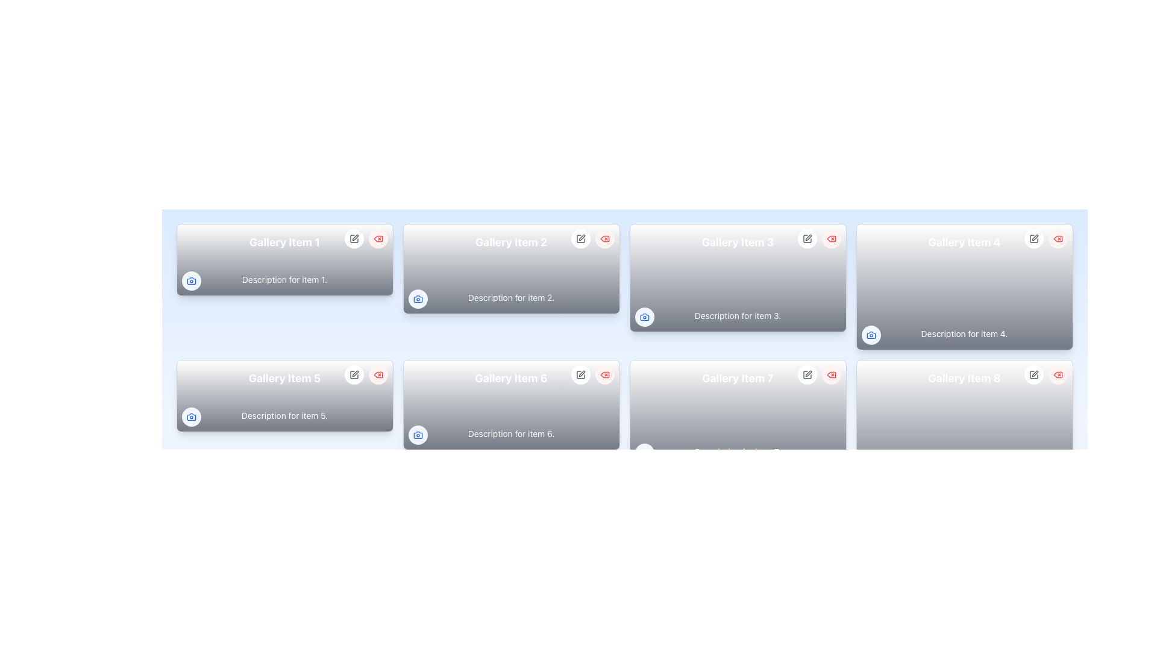  What do you see at coordinates (1057, 239) in the screenshot?
I see `the delete icon button located in the top-right corner of the Gallery Item 4 card` at bounding box center [1057, 239].